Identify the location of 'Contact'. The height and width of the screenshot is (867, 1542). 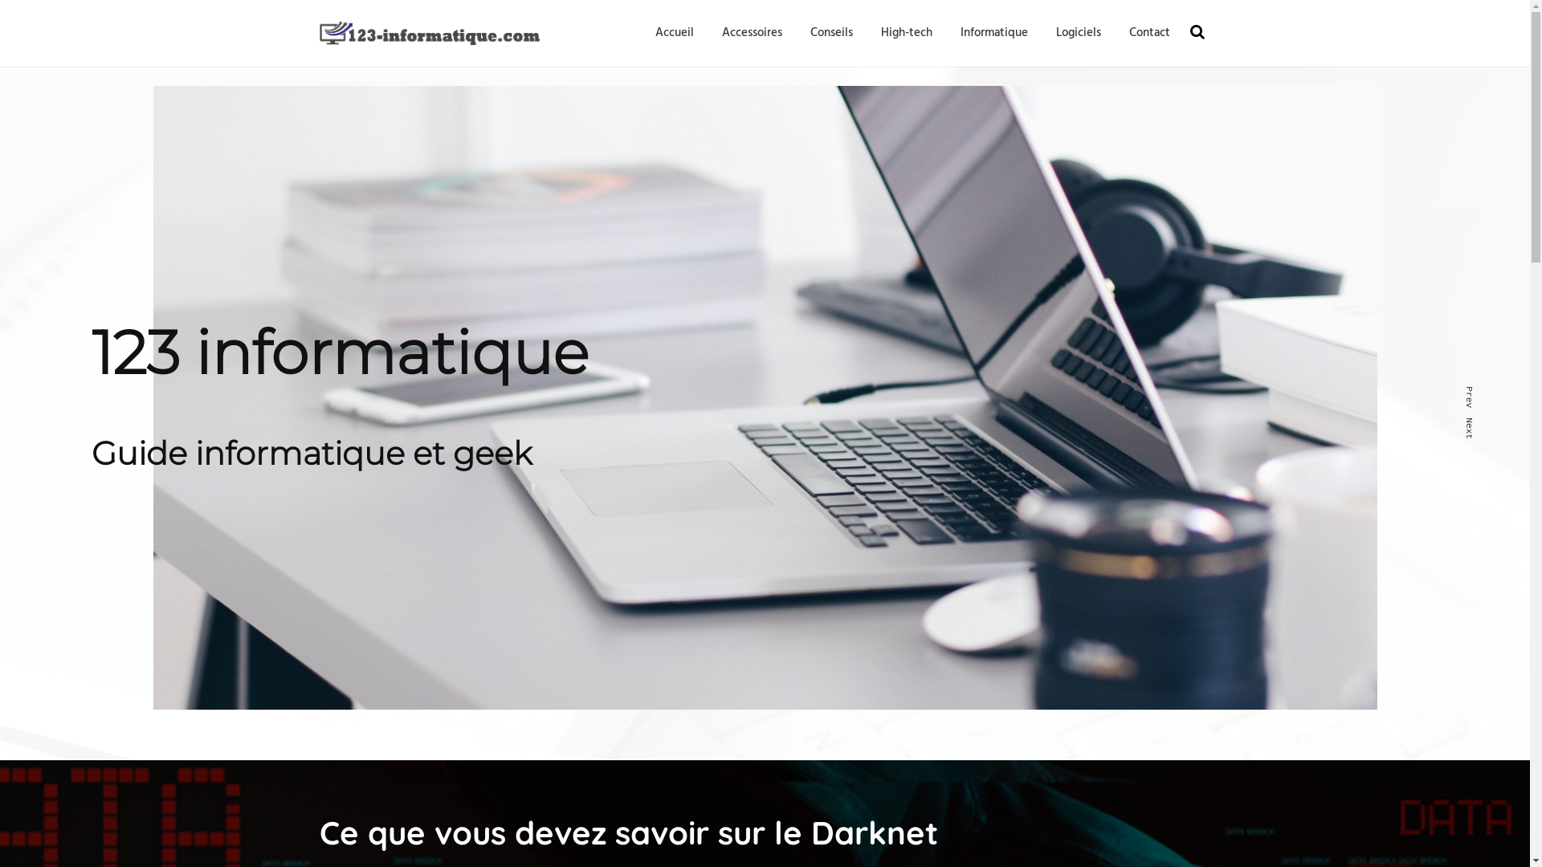
(1128, 33).